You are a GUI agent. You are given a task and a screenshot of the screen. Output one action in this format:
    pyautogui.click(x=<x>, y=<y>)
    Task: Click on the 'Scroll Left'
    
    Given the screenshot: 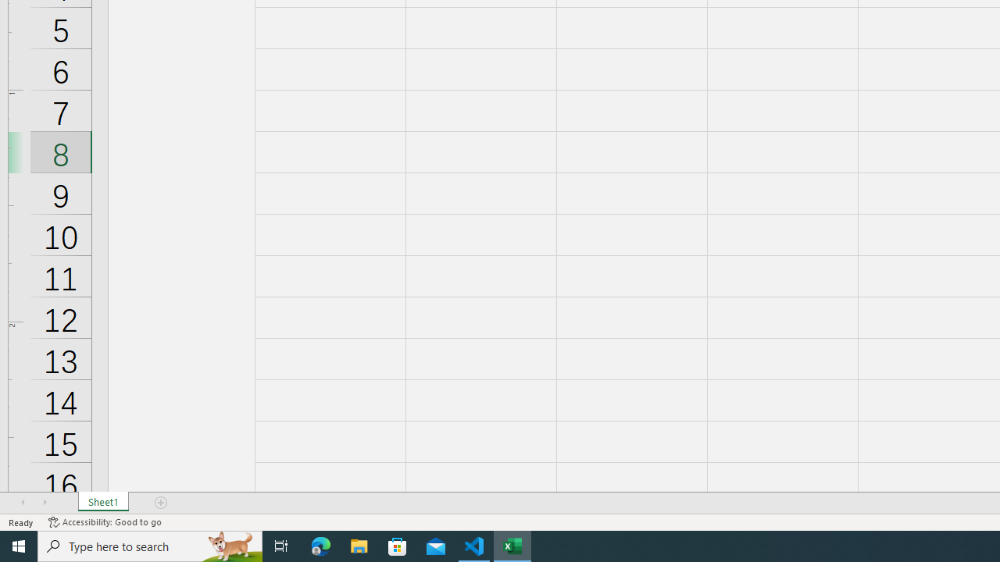 What is the action you would take?
    pyautogui.click(x=23, y=503)
    